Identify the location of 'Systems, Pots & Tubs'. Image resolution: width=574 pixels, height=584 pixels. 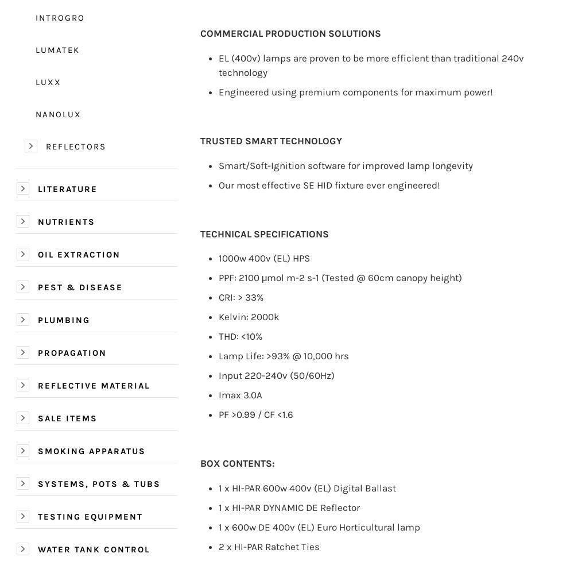
(37, 483).